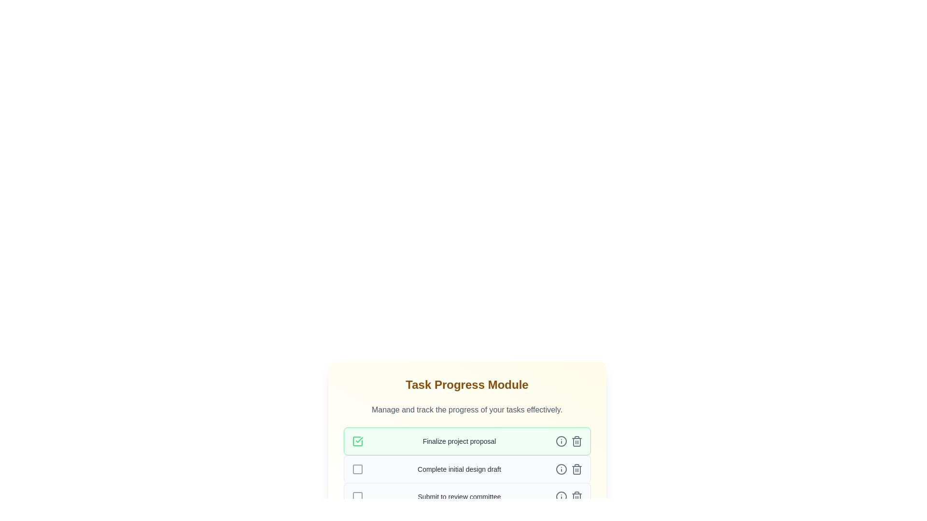 This screenshot has height=521, width=927. I want to click on the checkbox located to the left of the task label 'Submit to review committee' to select or complete the associated task, so click(357, 496).